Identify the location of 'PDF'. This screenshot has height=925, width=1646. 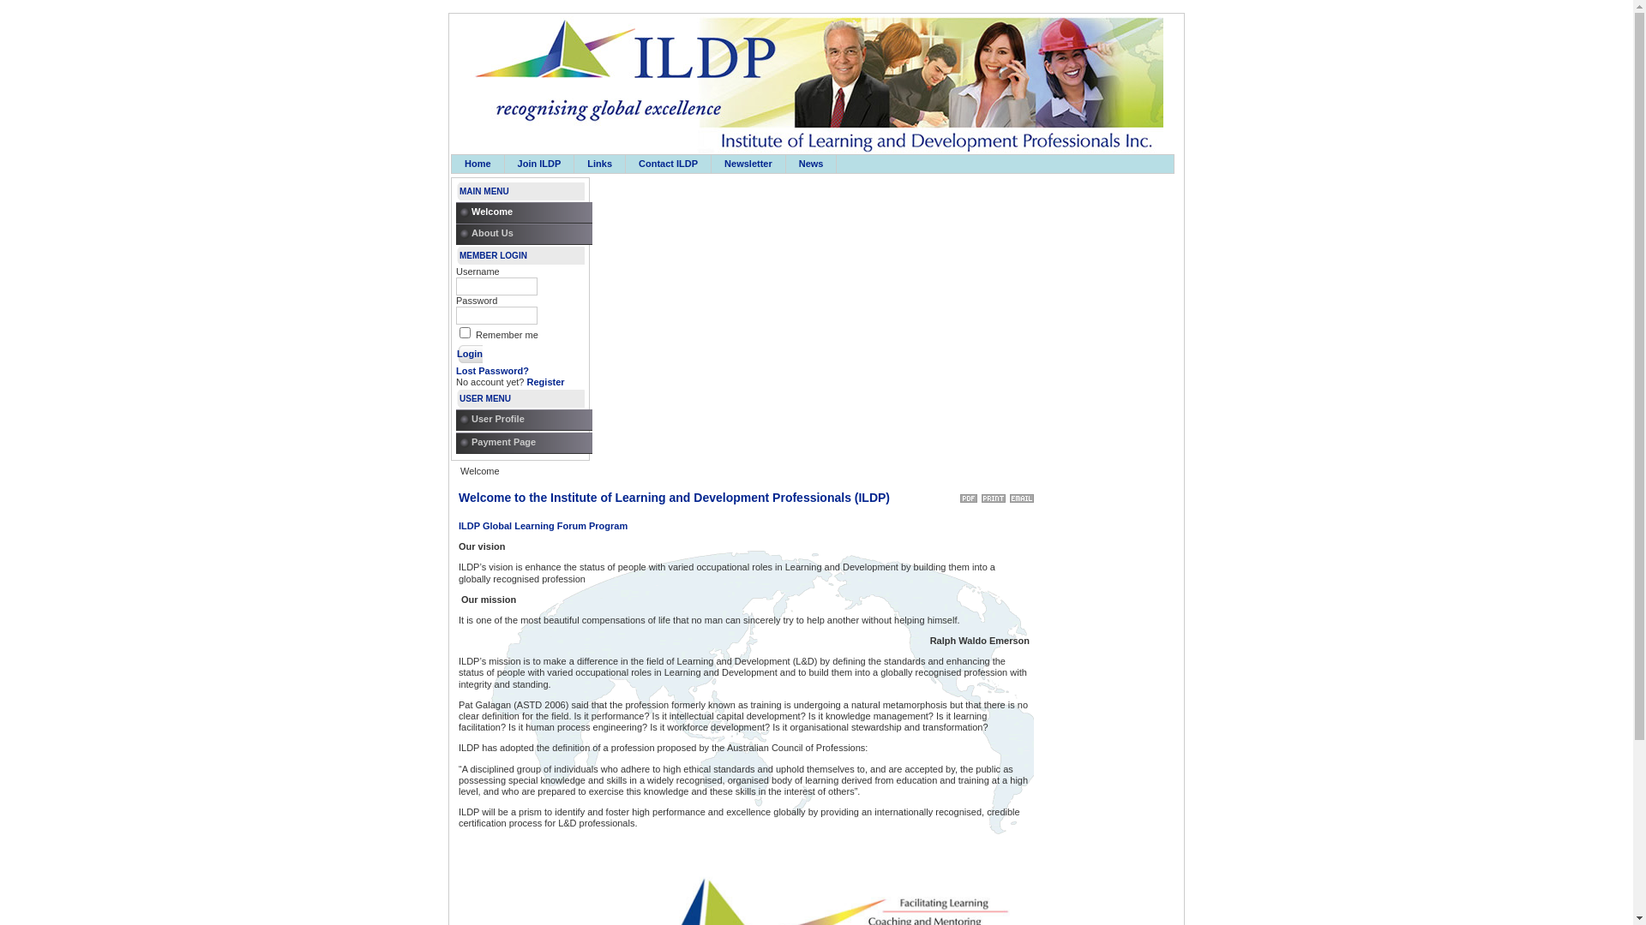
(968, 495).